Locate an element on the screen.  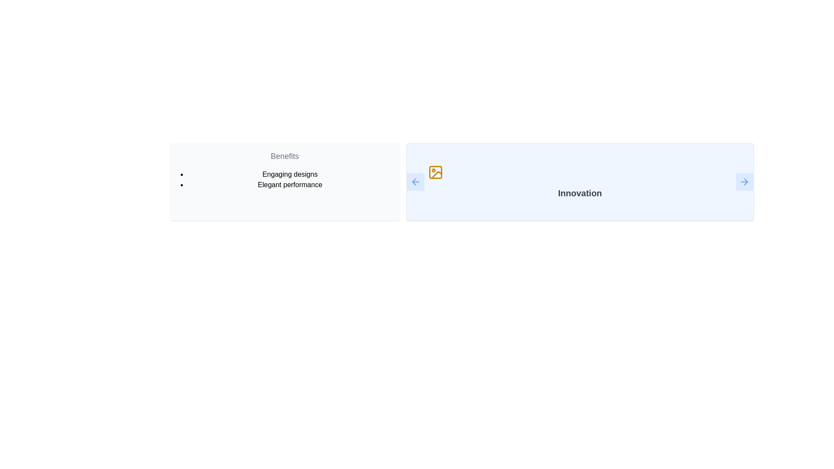
the 'Benefits' section of the text panel, which contains bullet points 'Engaging designs' and 'Elegant performance' in a light gray background is located at coordinates (285, 170).